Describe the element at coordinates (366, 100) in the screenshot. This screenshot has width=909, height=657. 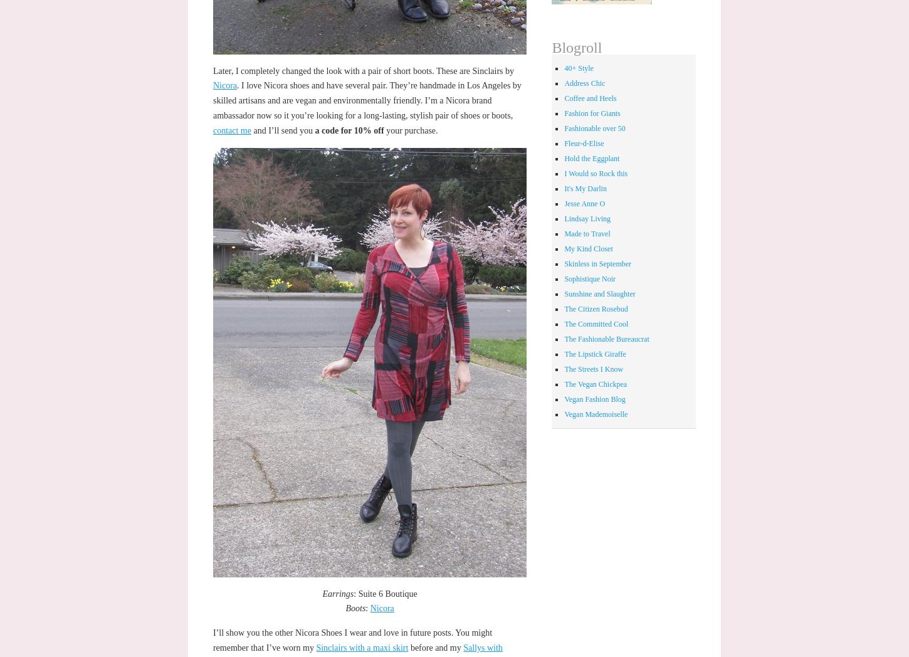
I see `'. I love Nicora shoes and have several pair. They’re handmade in Los Angeles by skilled artisans and are vegan and environmentally friendly. I’m a Nicora brand ambassador now so it you’re looking for a long-lasting, stylish pair of shoes or boots,'` at that location.